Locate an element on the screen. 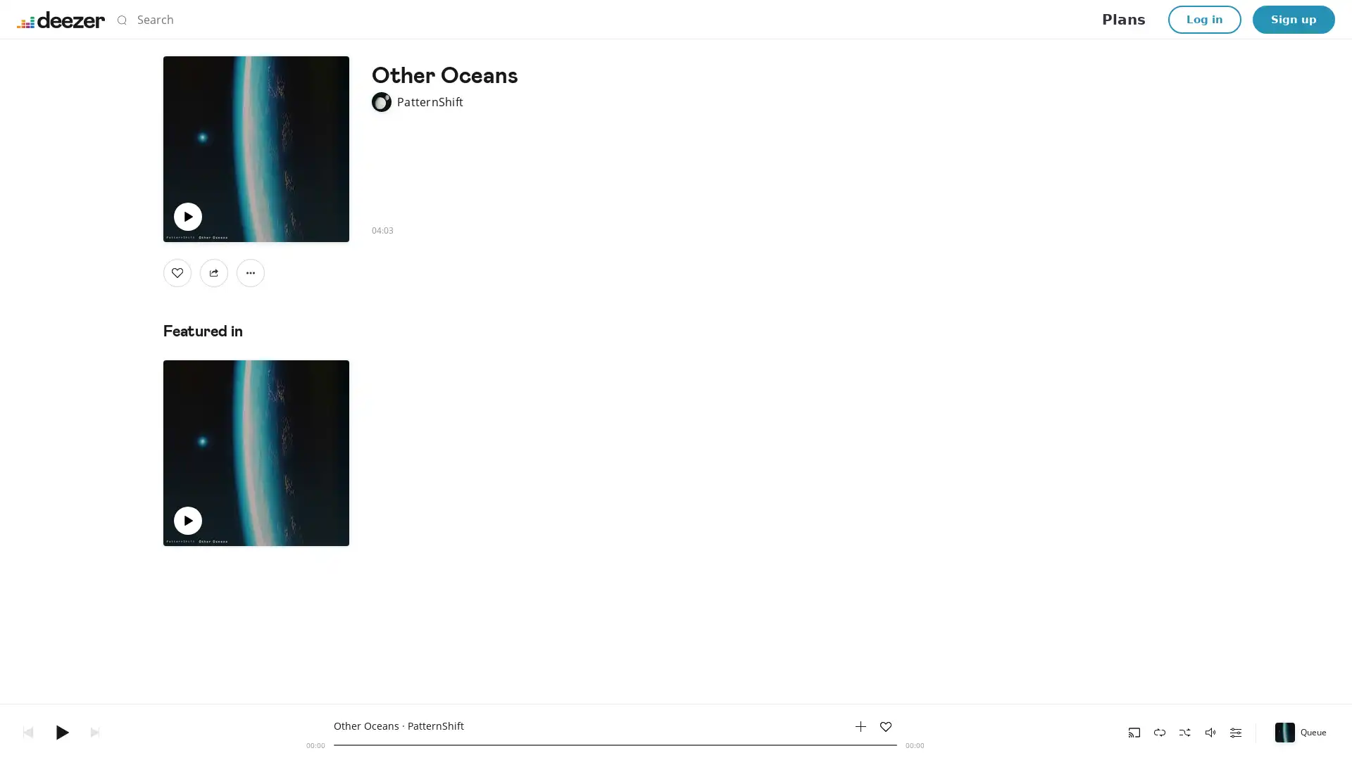 This screenshot has height=760, width=1352. Clear is located at coordinates (898, 19).